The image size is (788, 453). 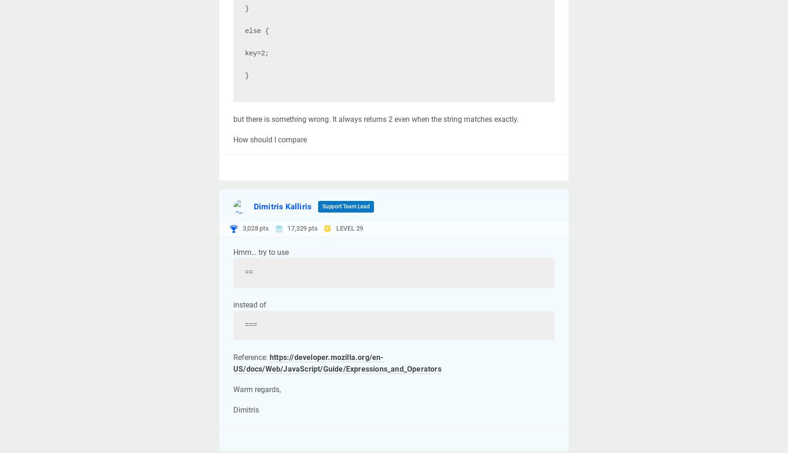 What do you see at coordinates (257, 53) in the screenshot?
I see `'key=2;'` at bounding box center [257, 53].